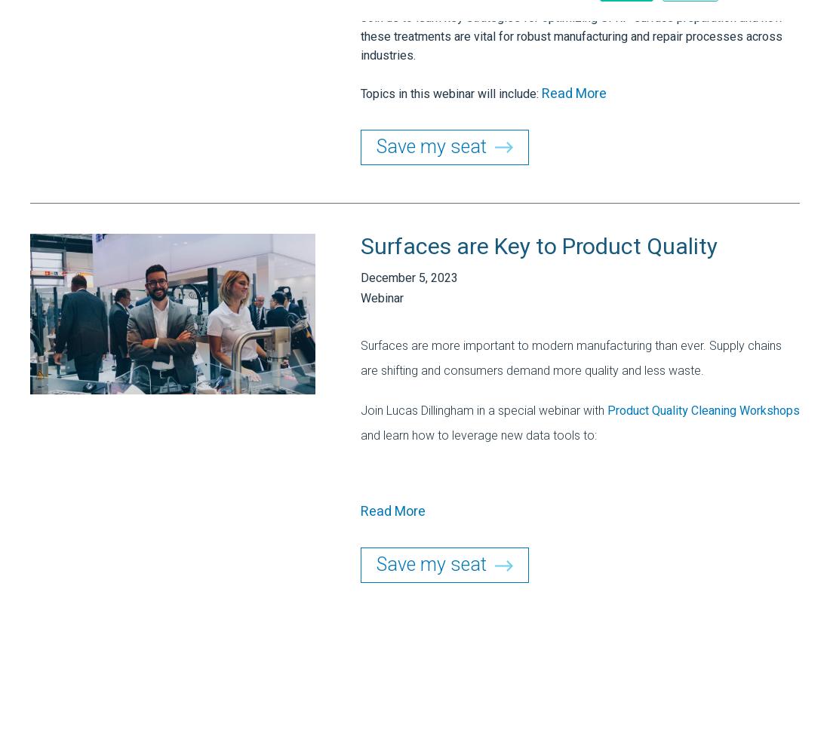  Describe the element at coordinates (703, 411) in the screenshot. I see `'Product Quality Cleaning Workshops'` at that location.